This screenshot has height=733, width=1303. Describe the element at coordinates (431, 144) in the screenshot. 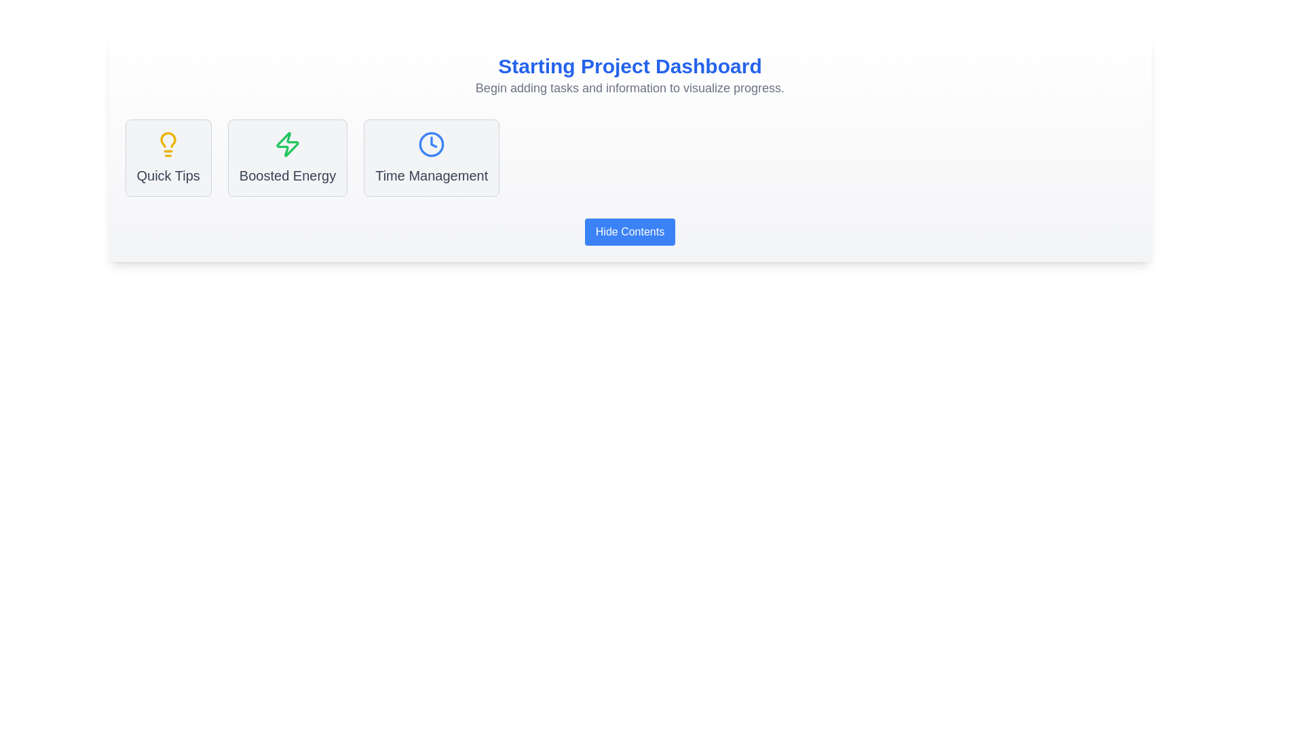

I see `the clock icon within the 'Time Management' section, which is a blue, minimalistic icon with two hands indicating time` at that location.